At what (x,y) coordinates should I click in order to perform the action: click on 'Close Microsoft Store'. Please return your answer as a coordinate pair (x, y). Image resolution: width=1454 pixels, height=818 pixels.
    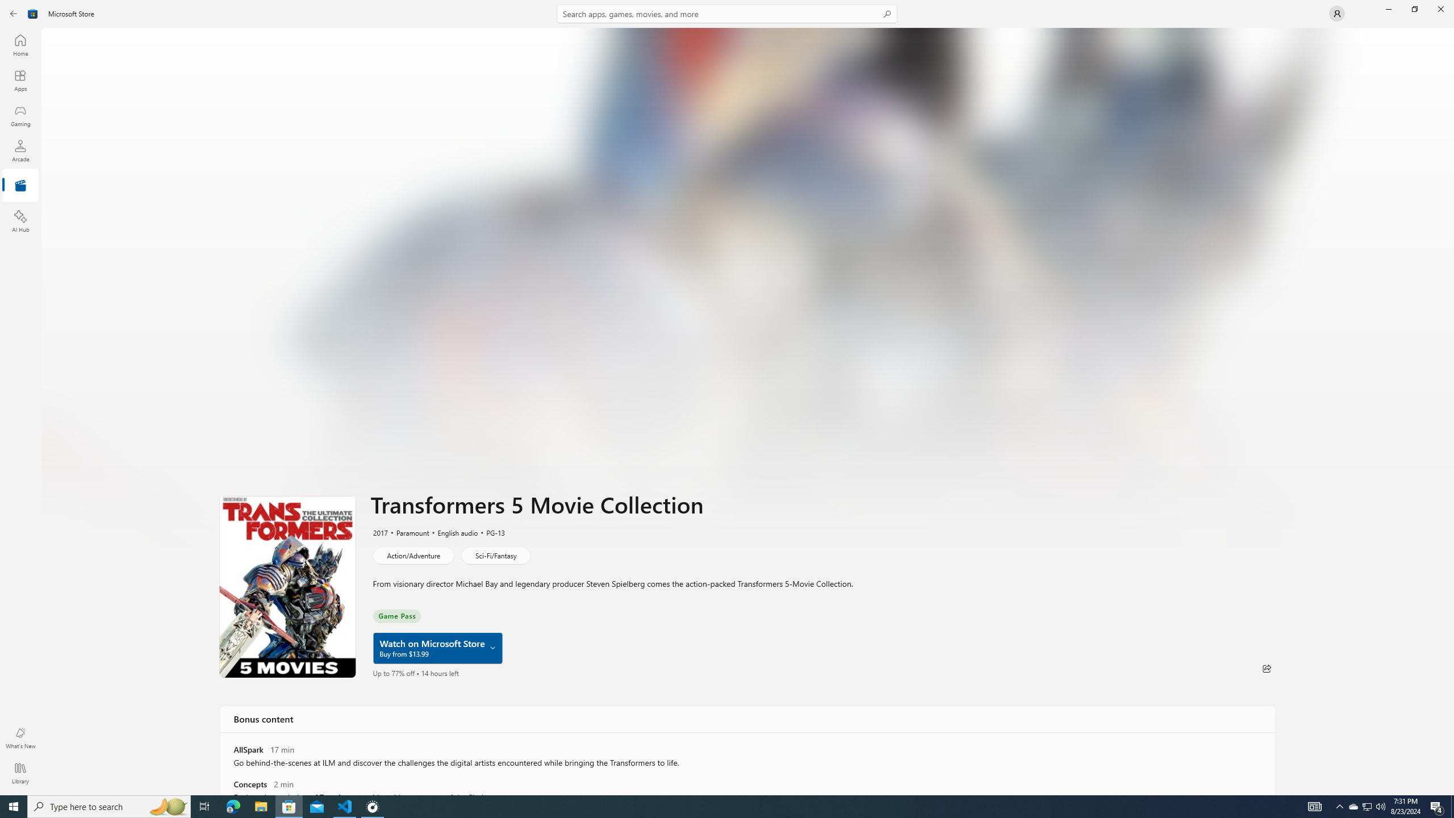
    Looking at the image, I should click on (1440, 9).